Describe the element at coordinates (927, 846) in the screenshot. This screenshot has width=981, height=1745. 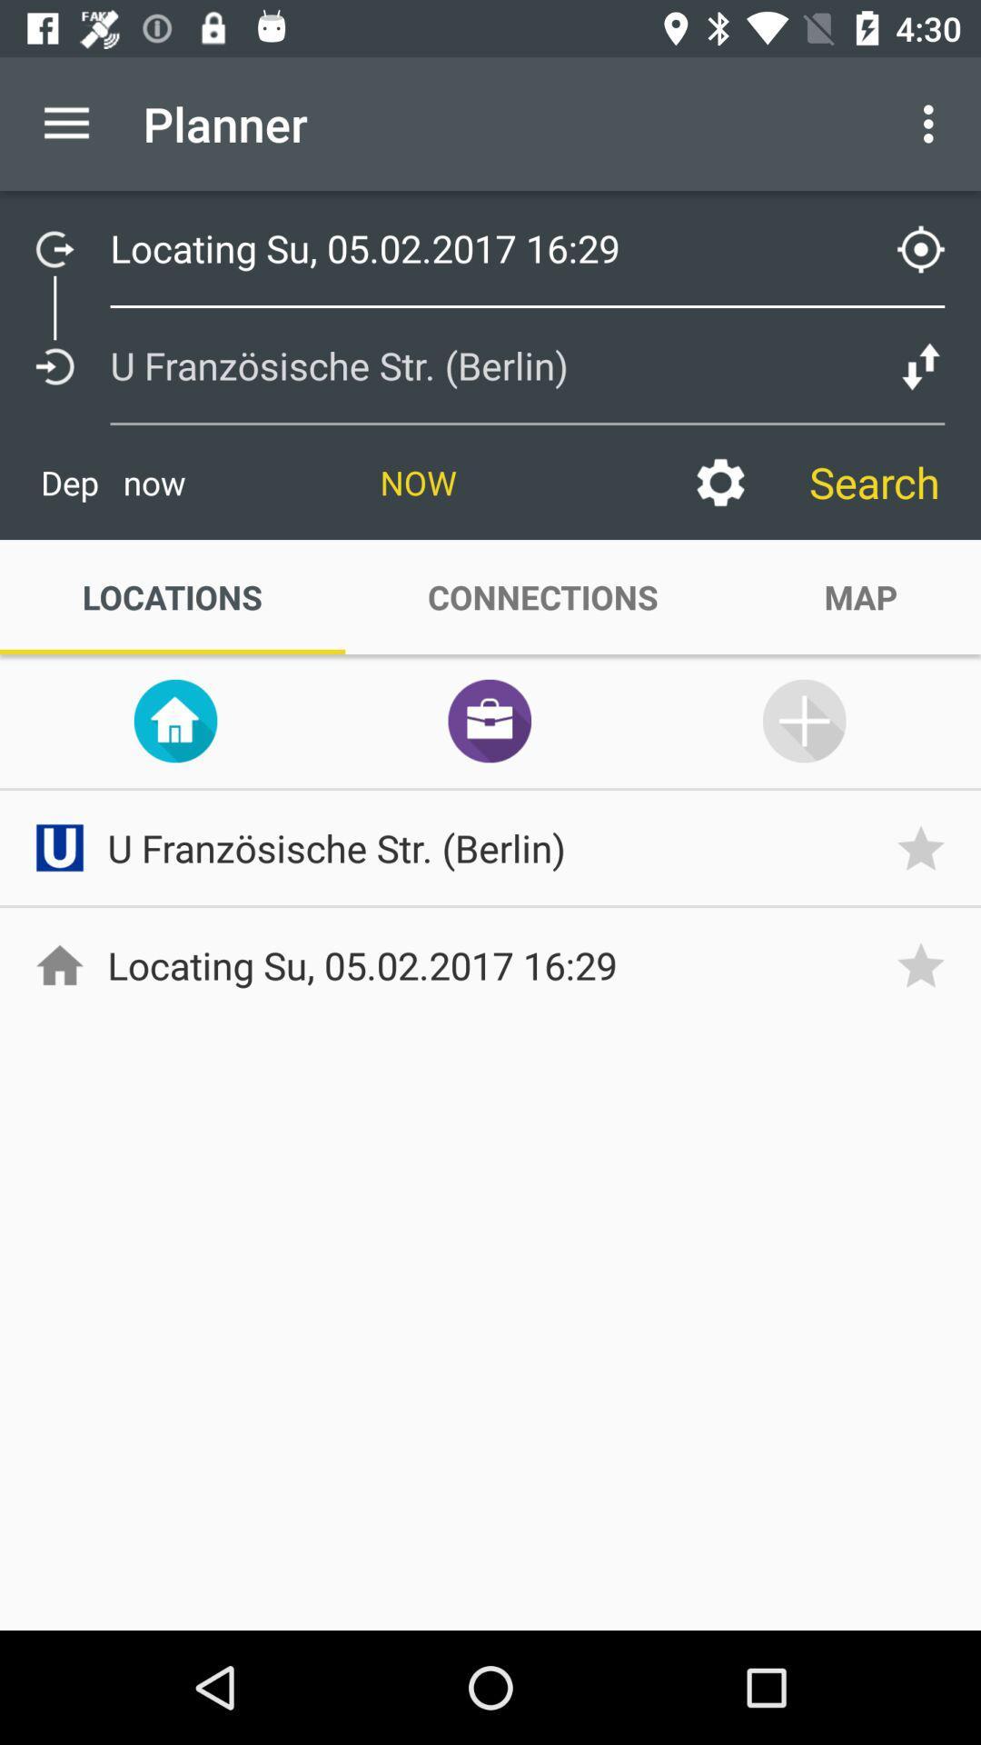
I see `the first star icon on right` at that location.